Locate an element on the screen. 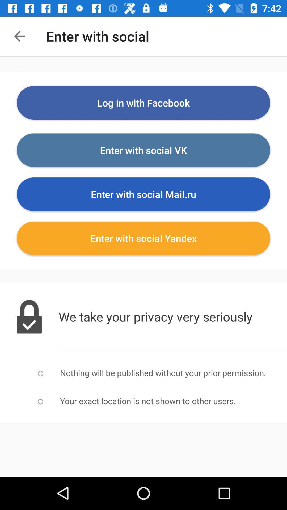  the arrow_backward icon is located at coordinates (19, 36).